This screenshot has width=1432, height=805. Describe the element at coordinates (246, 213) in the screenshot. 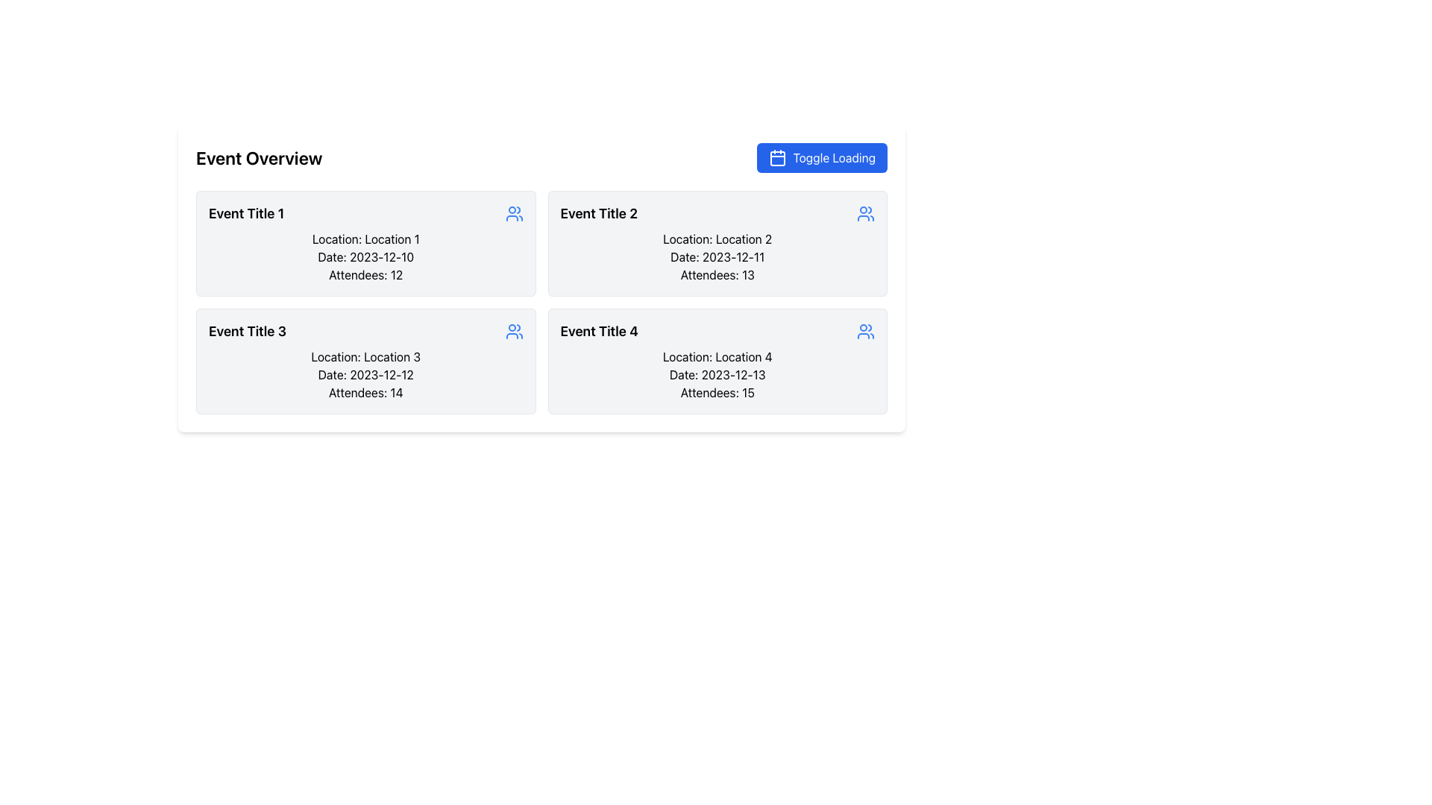

I see `the static text label displaying the name or title of the event, located in the top-left corner of the first event card in the event overview interface` at that location.